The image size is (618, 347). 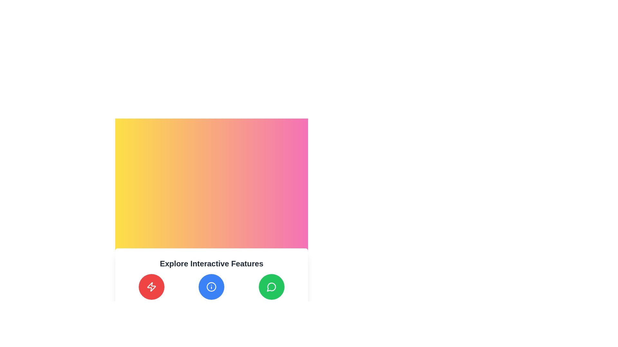 What do you see at coordinates (271, 287) in the screenshot?
I see `the right-most circular button in the 'Connect and Chat' section` at bounding box center [271, 287].